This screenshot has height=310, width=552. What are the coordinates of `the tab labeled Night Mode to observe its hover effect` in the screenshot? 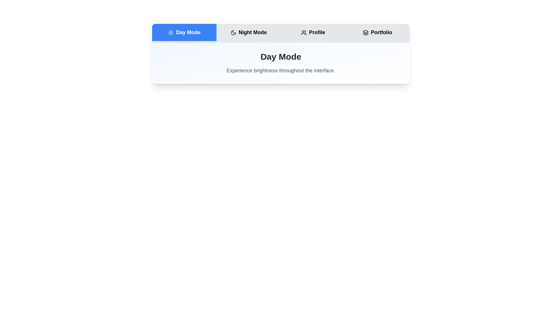 It's located at (248, 32).